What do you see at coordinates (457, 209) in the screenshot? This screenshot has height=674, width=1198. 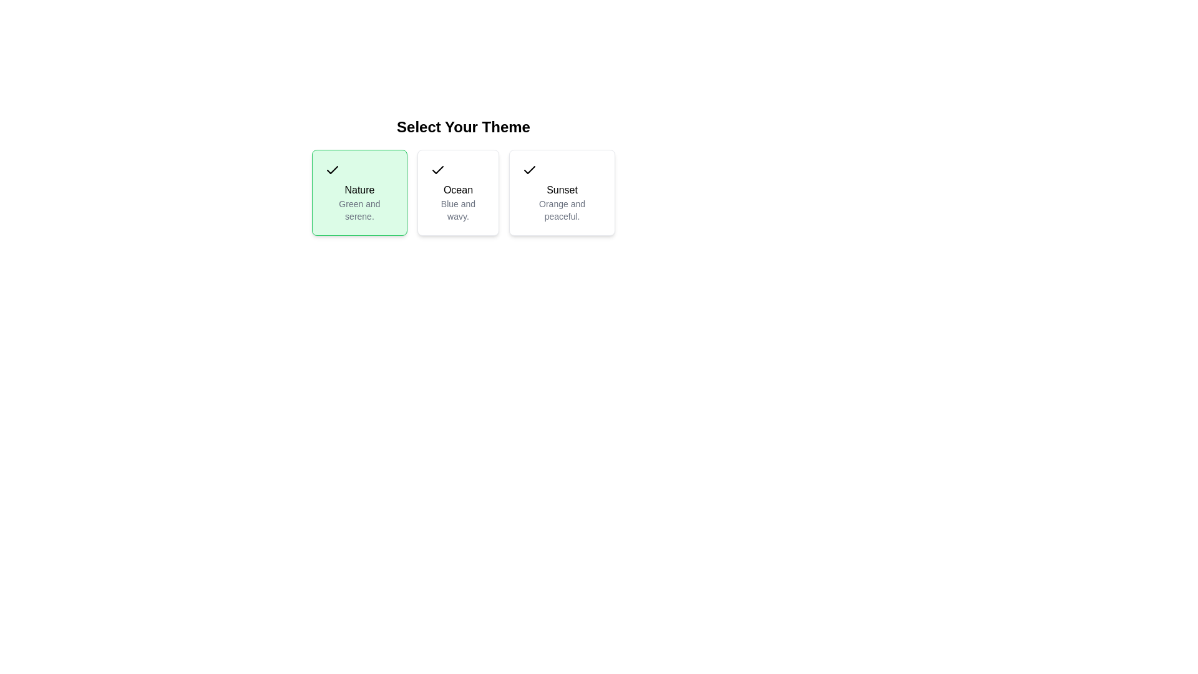 I see `the second text line in the 'Ocean' section which provides additional information about the 'Ocean' theme` at bounding box center [457, 209].